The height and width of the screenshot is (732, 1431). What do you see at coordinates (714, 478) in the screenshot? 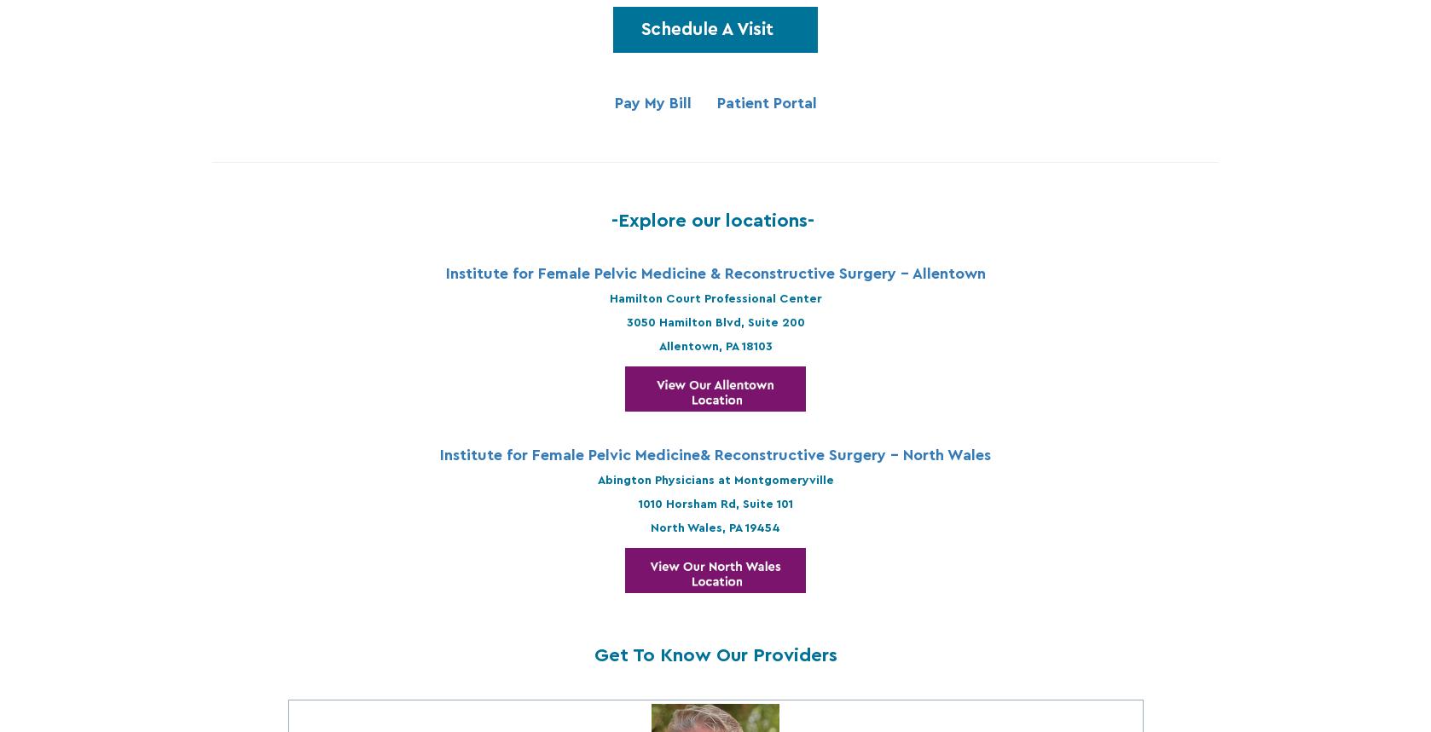
I see `'Abington Physicians at Montgomeryville'` at bounding box center [714, 478].